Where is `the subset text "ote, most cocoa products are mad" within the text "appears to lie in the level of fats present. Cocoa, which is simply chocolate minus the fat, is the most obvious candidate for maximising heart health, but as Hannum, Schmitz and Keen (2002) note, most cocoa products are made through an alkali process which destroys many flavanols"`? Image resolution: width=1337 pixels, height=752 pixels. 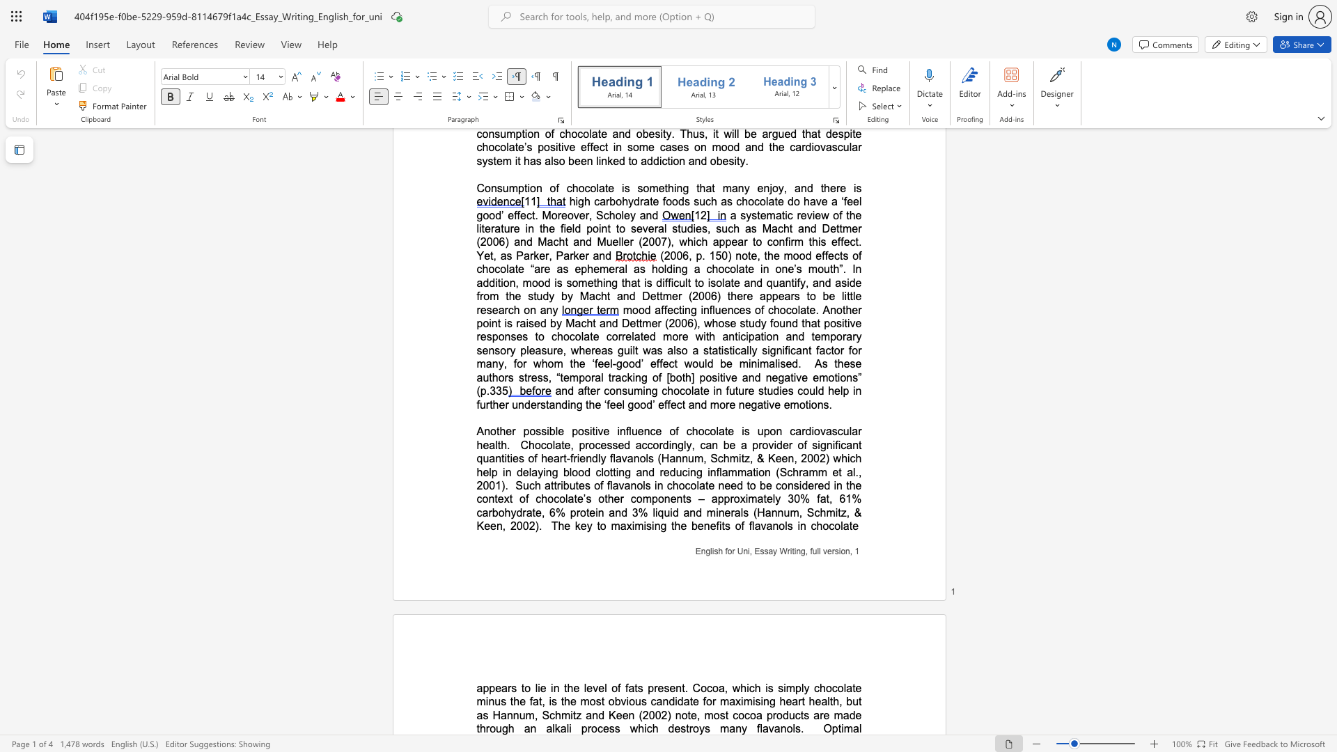
the subset text "ote, most cocoa products are mad" within the text "appears to lie in the level of fats present. Cocoa, which is simply chocolate minus the fat, is the most obvious candidate for maximising heart health, but as Hannum, Schmitz and Keen (2002) note, most cocoa products are made through an alkali process which destroys many flavanols" is located at coordinates (681, 715).